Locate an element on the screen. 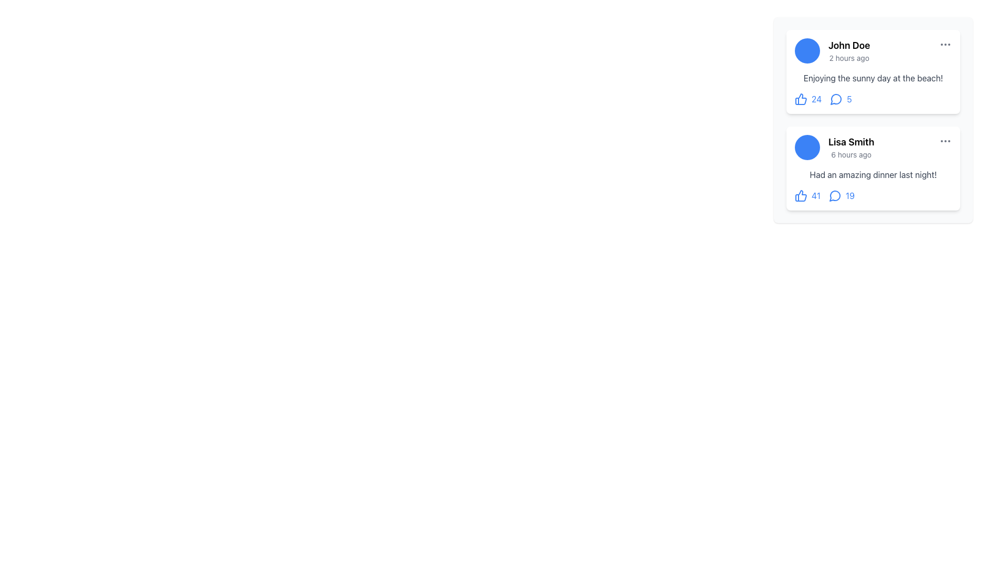 This screenshot has height=567, width=1008. the comment icon located in the bottom right section of the post attributed to 'Lisa Smith' is located at coordinates (834, 196).